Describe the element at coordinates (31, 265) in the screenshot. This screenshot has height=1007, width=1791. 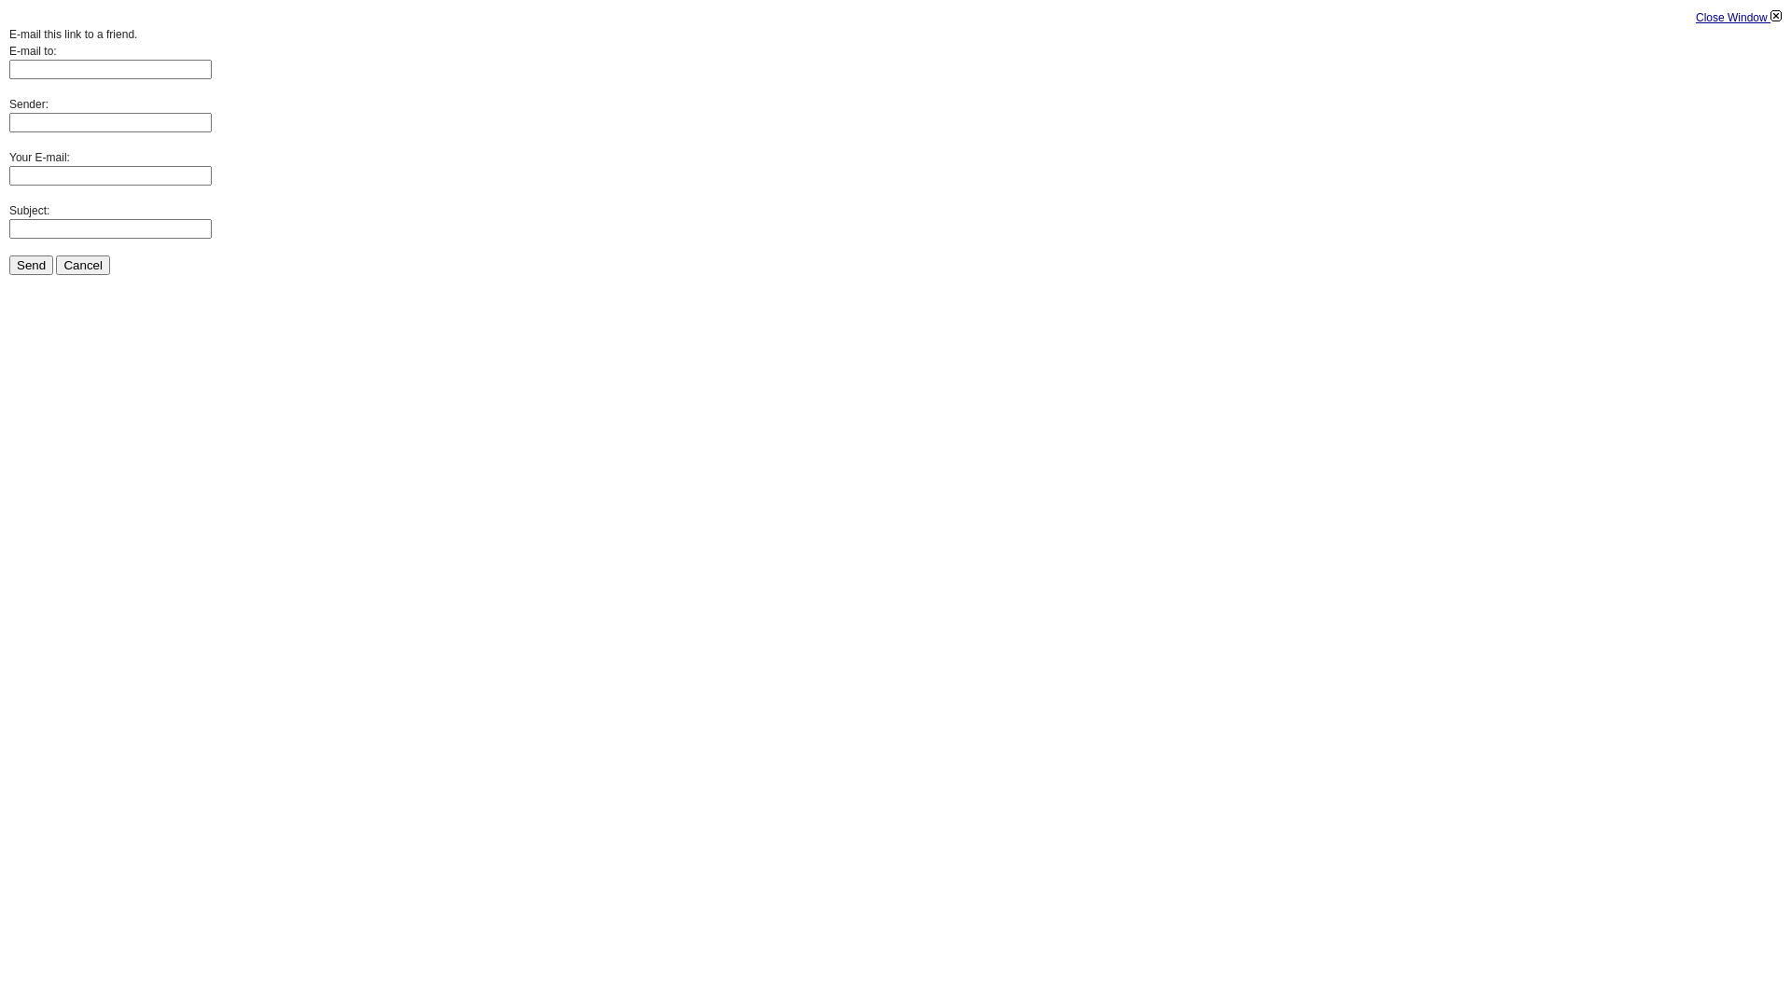
I see `'Send'` at that location.